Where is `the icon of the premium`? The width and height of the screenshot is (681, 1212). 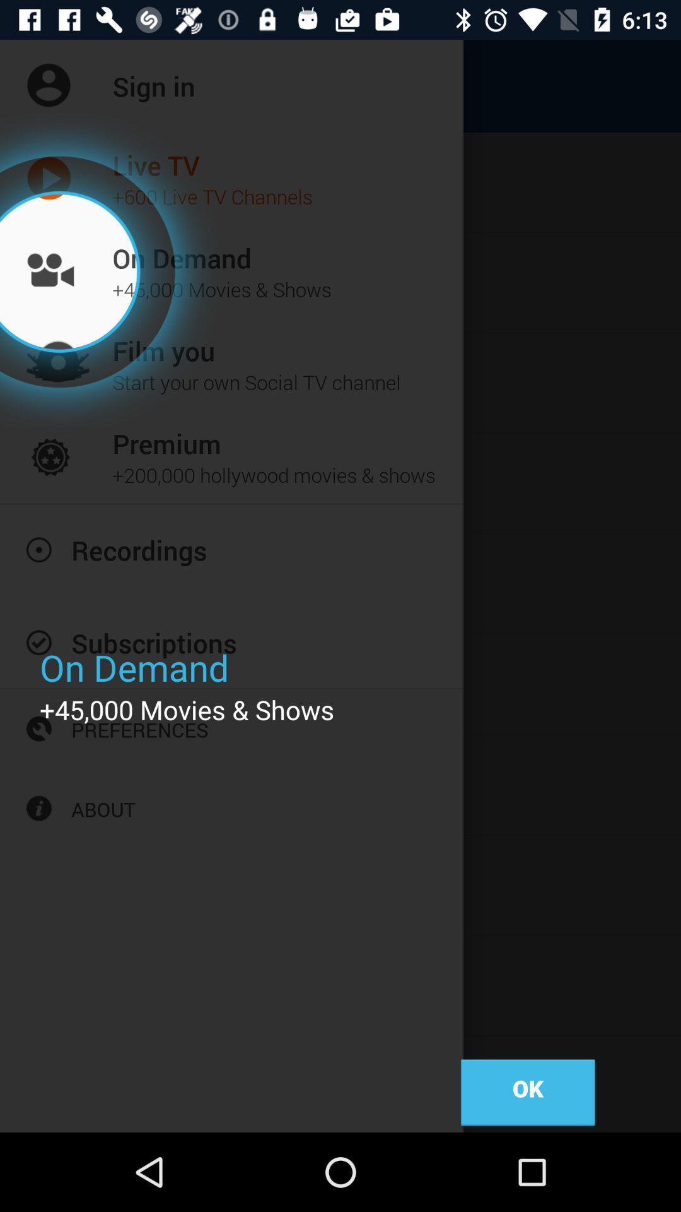 the icon of the premium is located at coordinates (59, 456).